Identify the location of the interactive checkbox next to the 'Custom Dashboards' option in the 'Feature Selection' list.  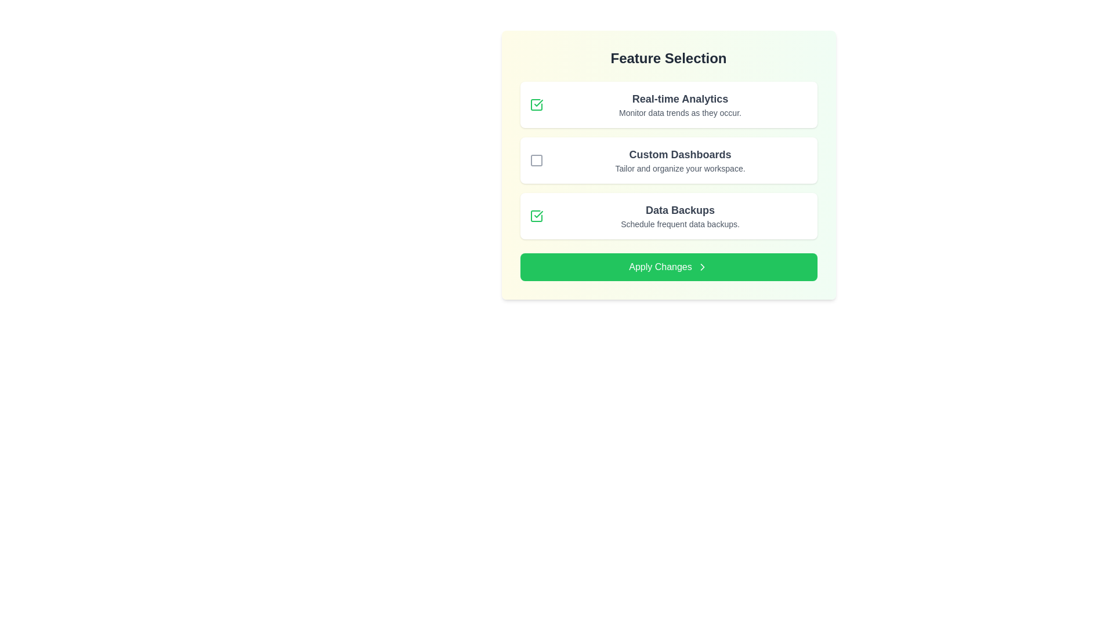
(536, 161).